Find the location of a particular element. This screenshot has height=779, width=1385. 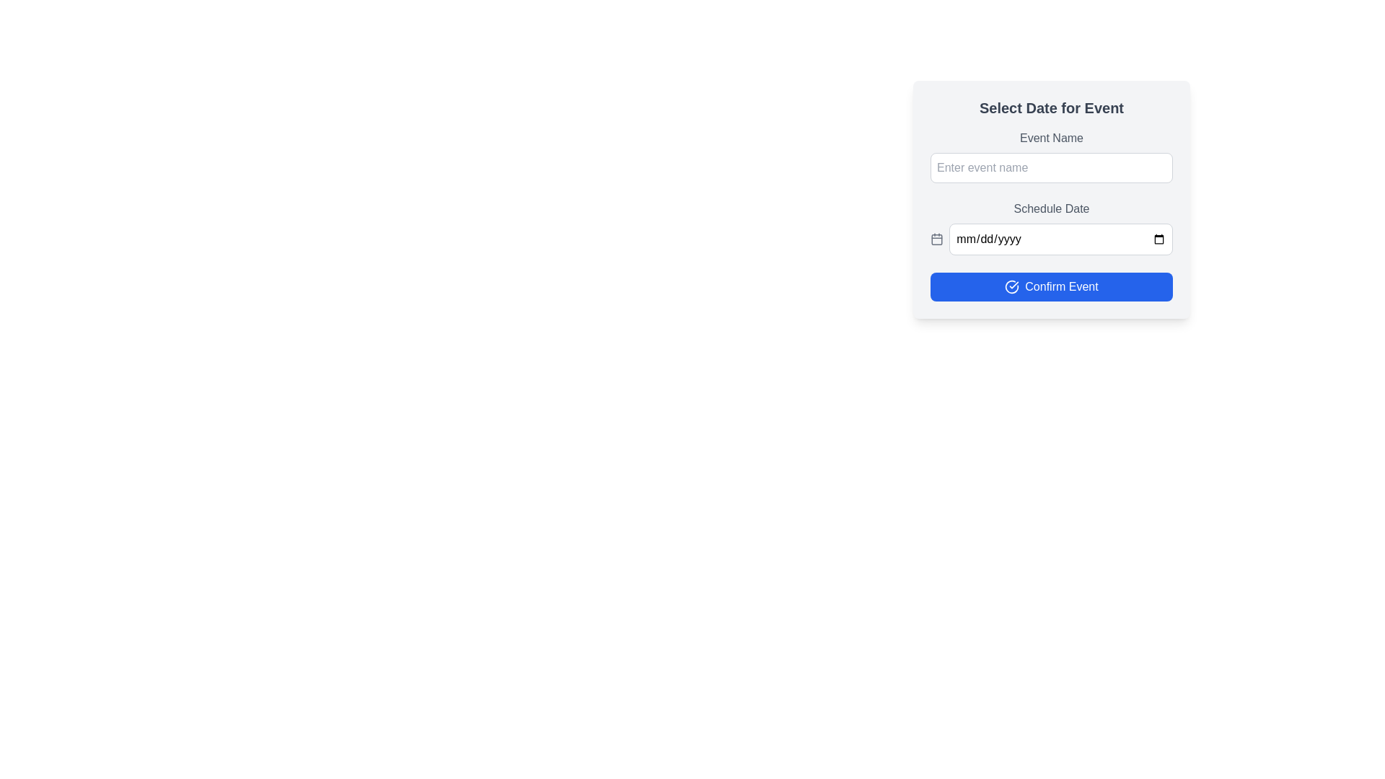

the heading text at the top of the form, which indicates the purpose of the form is located at coordinates (1052, 107).